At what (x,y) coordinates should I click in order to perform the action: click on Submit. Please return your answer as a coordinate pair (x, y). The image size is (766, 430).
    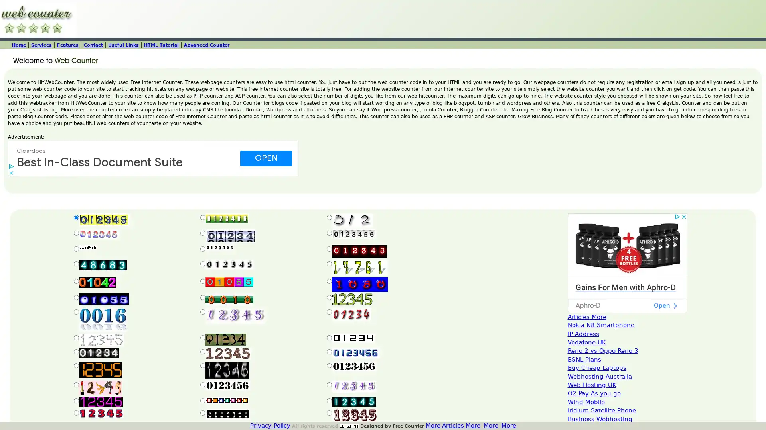
    Looking at the image, I should click on (355, 352).